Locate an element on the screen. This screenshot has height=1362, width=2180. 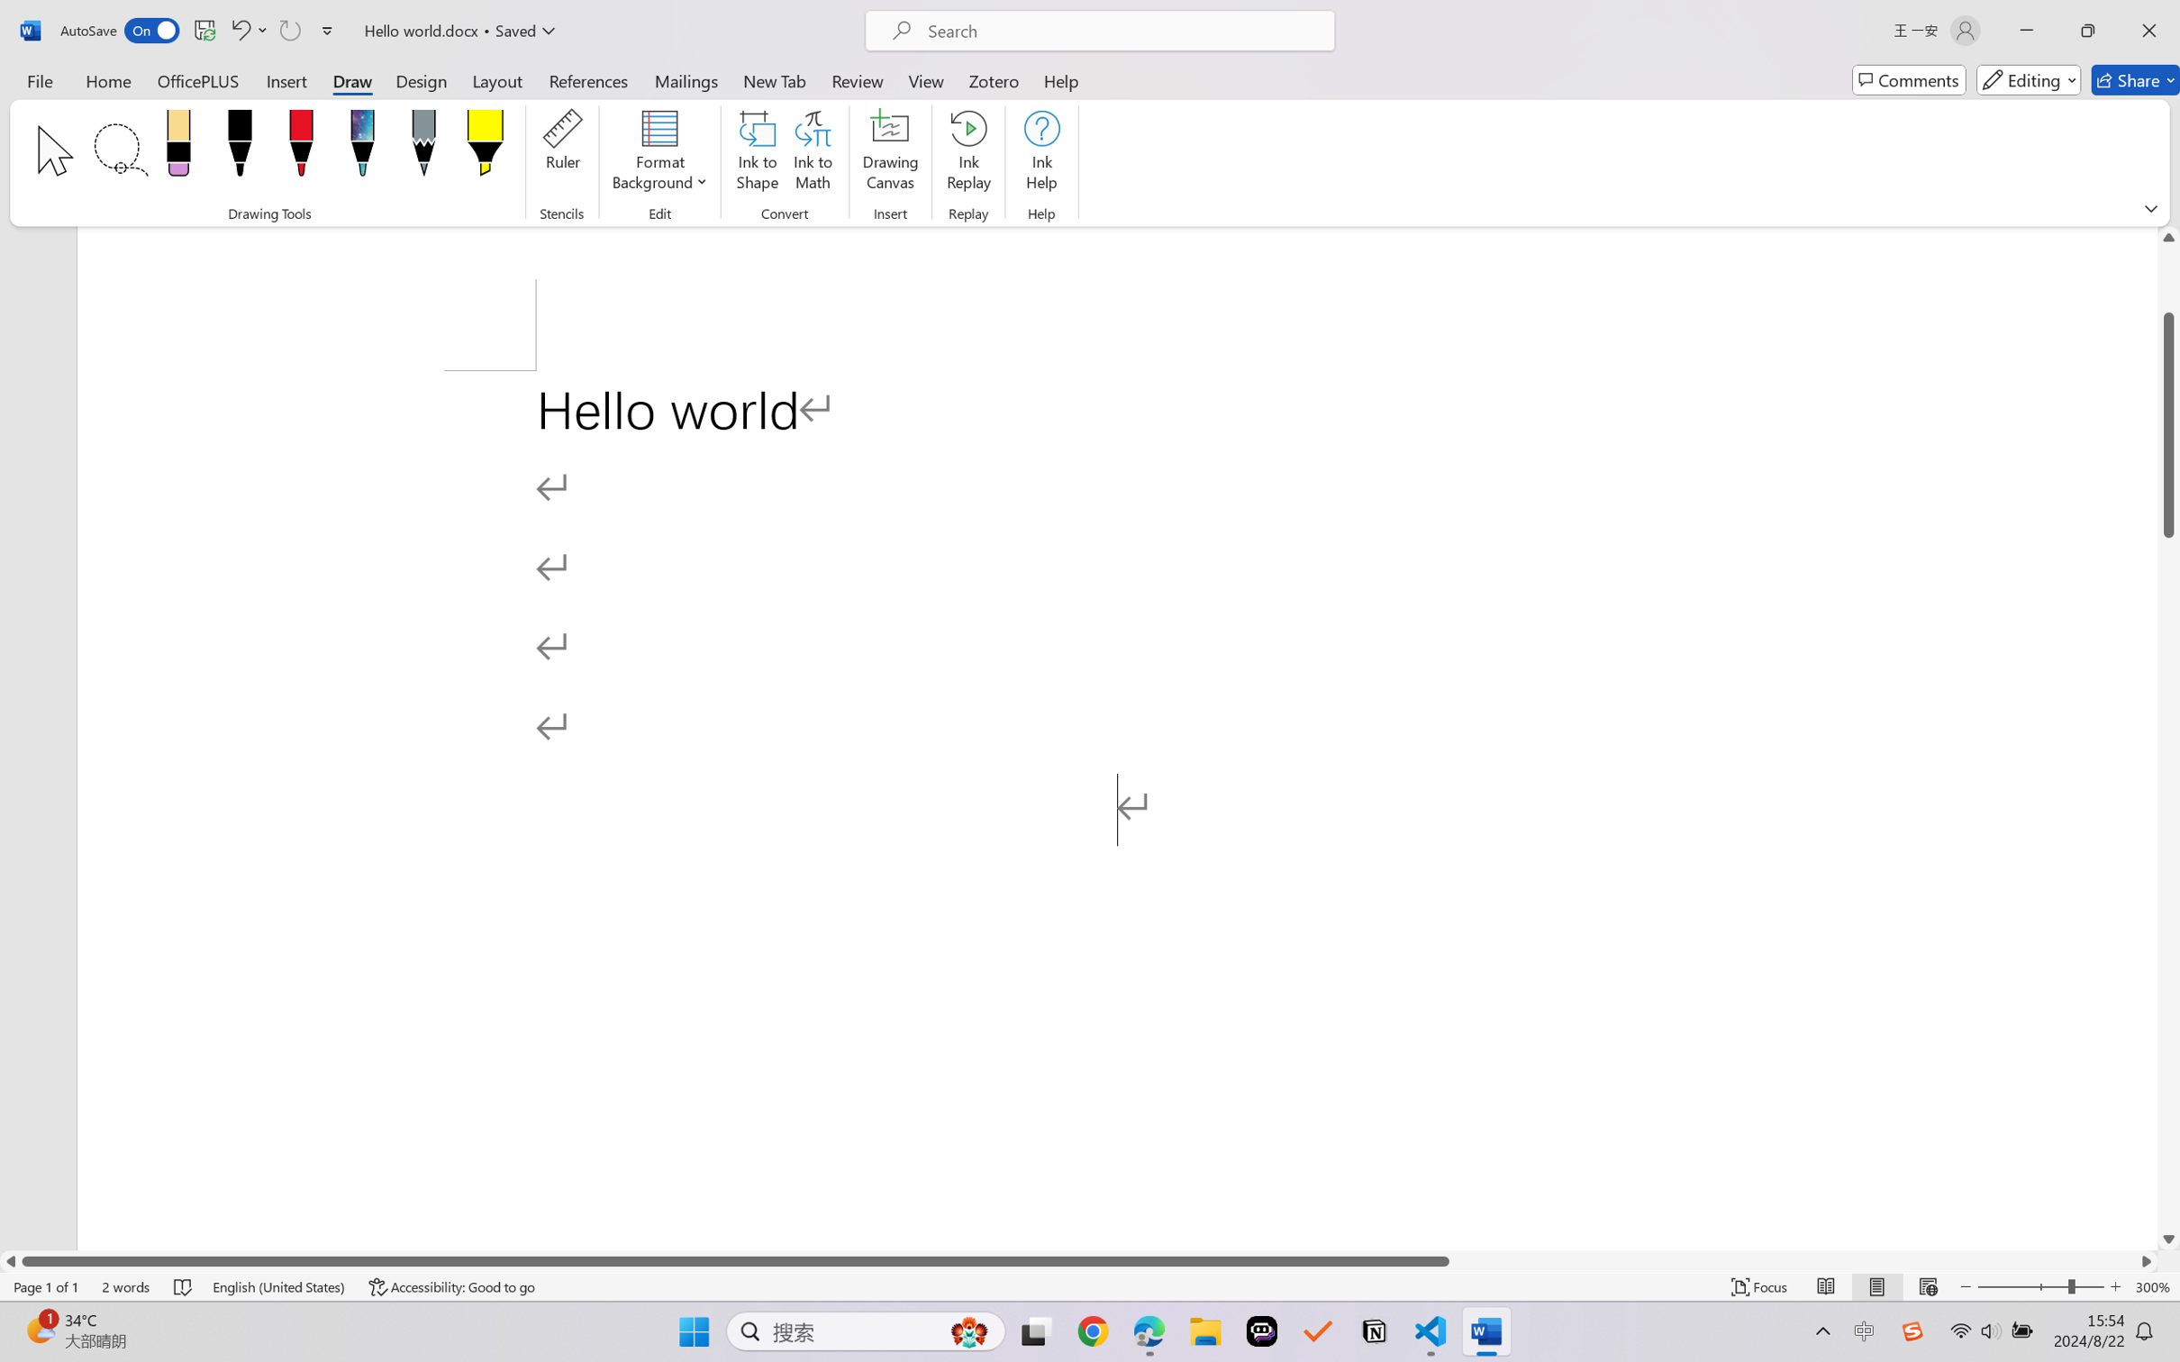
'Customize Quick Access Toolbar' is located at coordinates (327, 30).